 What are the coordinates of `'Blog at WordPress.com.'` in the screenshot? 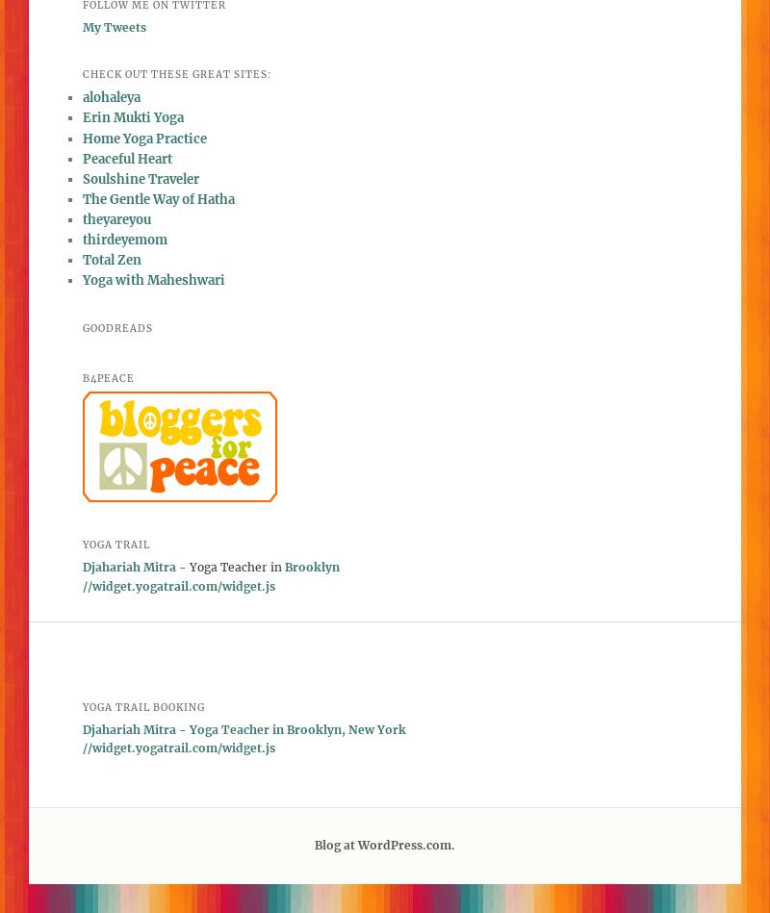 It's located at (314, 844).